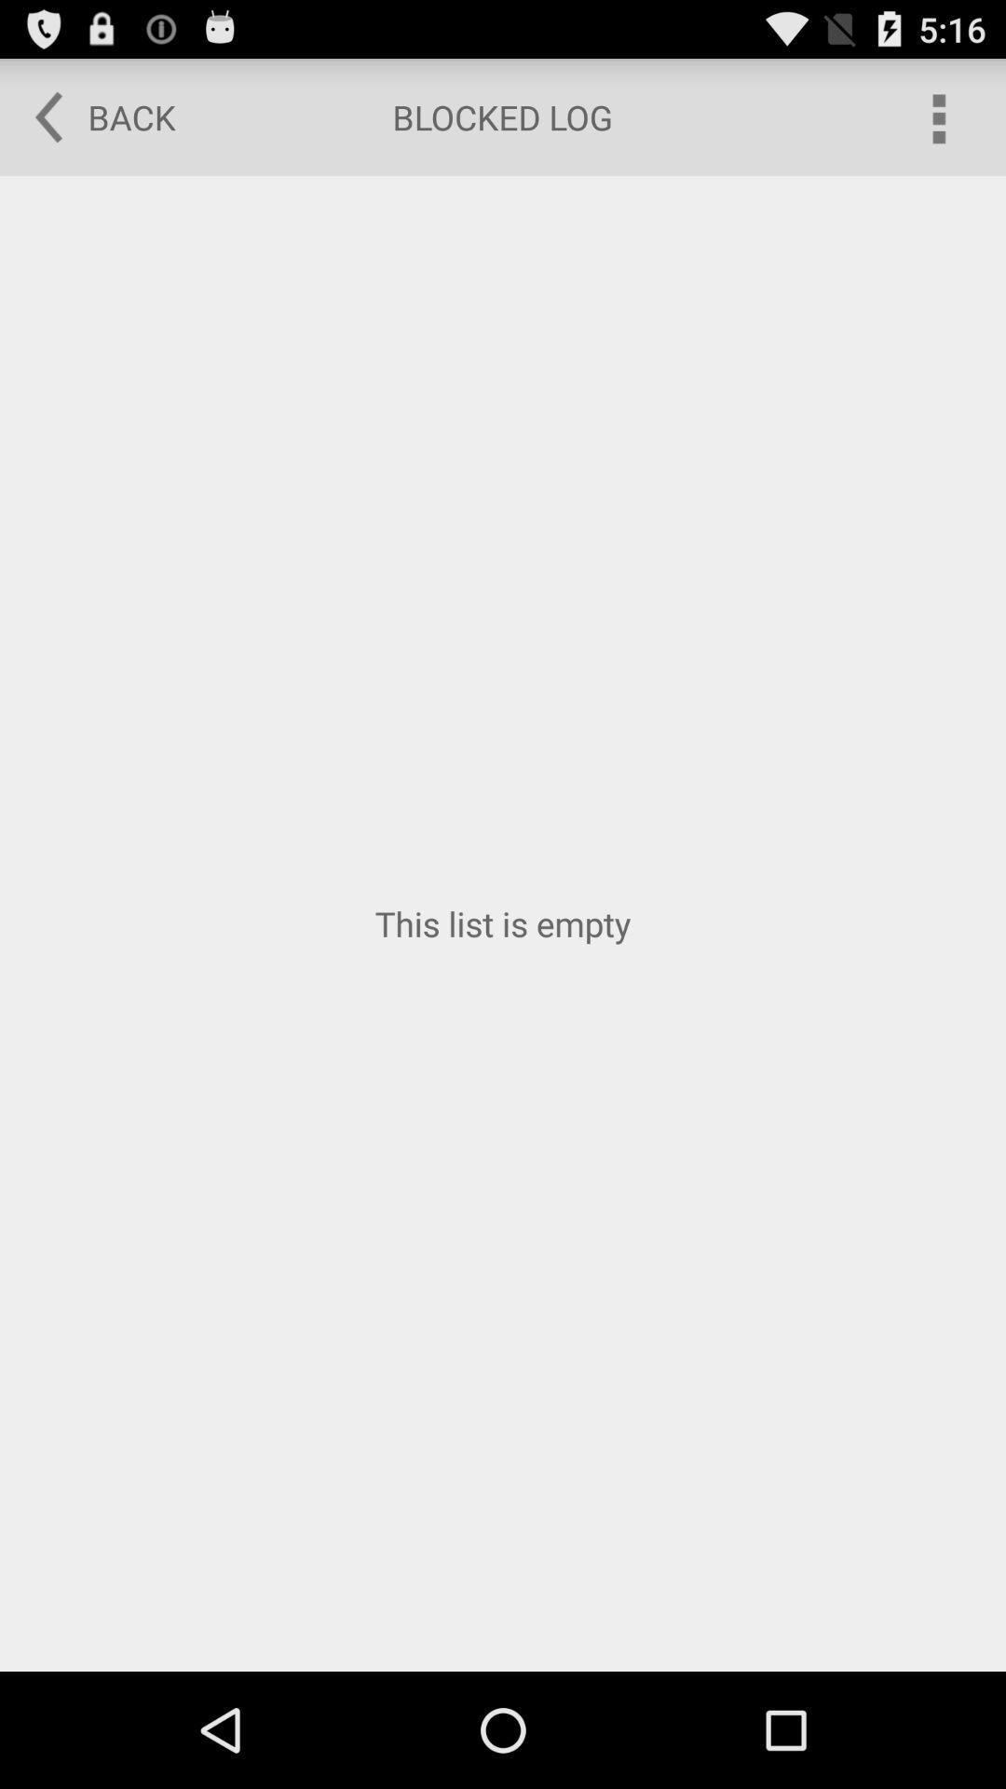 The height and width of the screenshot is (1789, 1006). What do you see at coordinates (92, 116) in the screenshot?
I see `the app above the this list is` at bounding box center [92, 116].